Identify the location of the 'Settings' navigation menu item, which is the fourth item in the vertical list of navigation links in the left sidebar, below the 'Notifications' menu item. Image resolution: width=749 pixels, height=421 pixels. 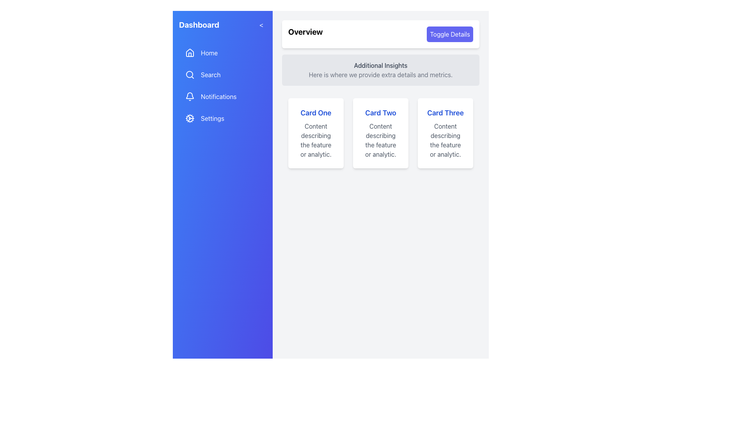
(222, 119).